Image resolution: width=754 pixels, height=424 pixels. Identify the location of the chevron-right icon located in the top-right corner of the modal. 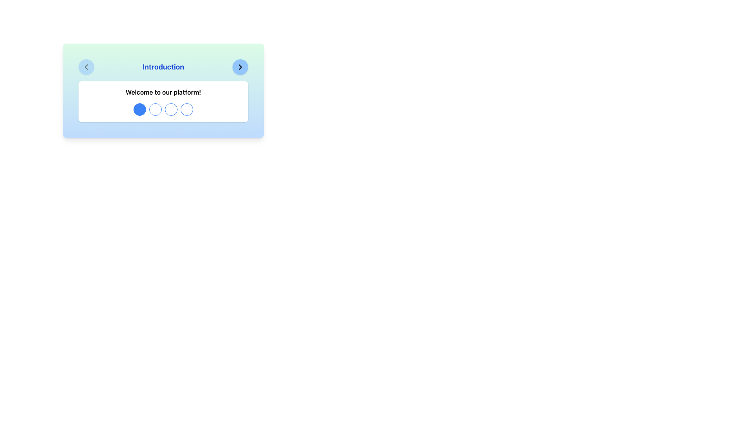
(240, 66).